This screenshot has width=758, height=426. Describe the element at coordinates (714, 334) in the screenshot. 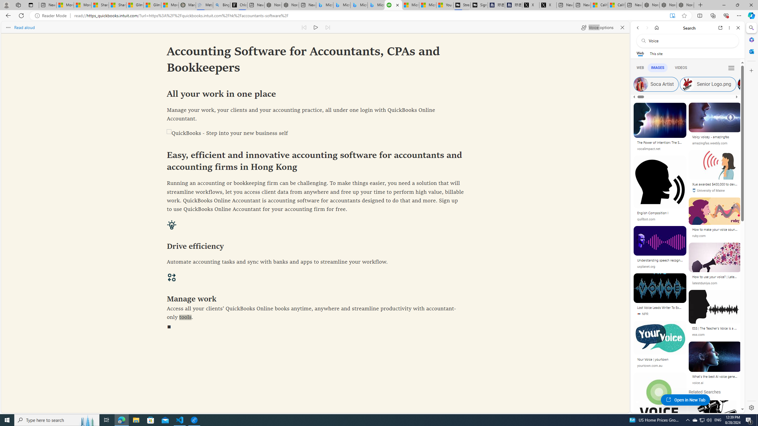

I see `'ess.com'` at that location.